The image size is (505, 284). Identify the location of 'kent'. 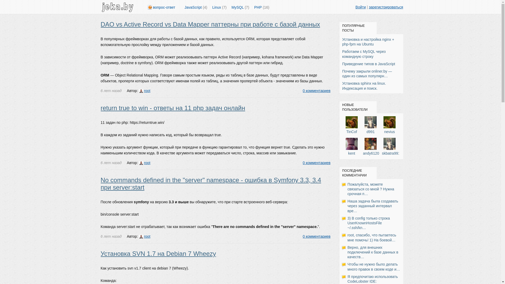
(352, 151).